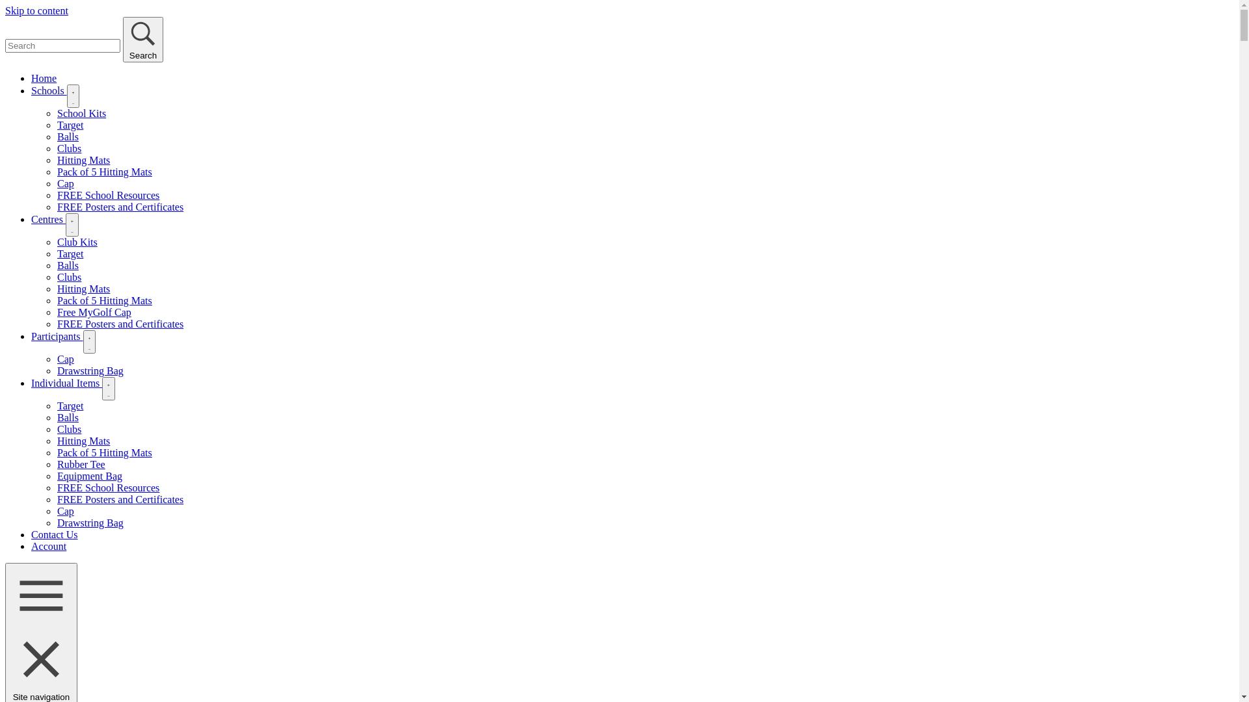 The image size is (1249, 702). I want to click on 'Rubber Tee', so click(80, 463).